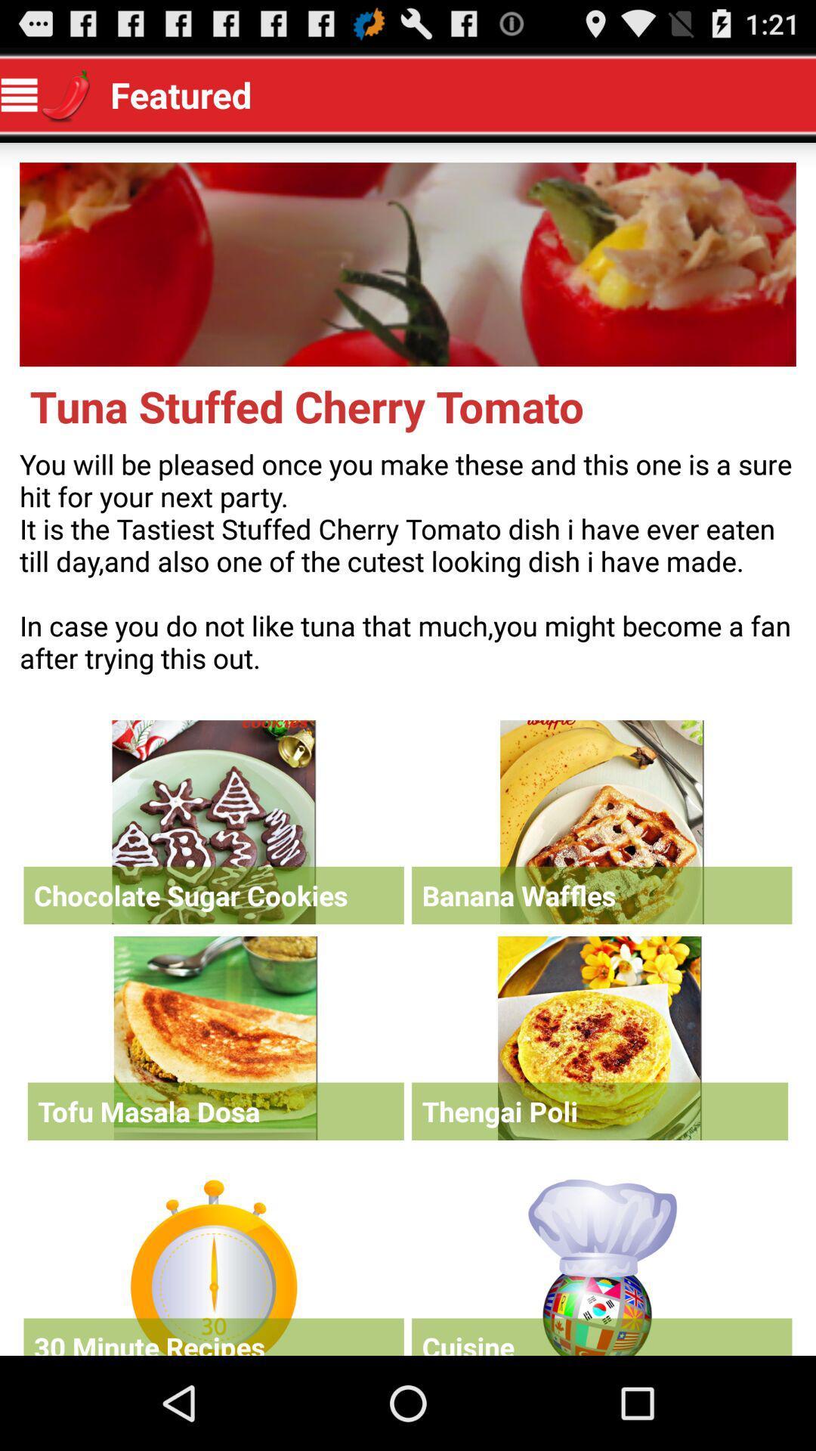  What do you see at coordinates (408, 265) in the screenshot?
I see `examine picture` at bounding box center [408, 265].